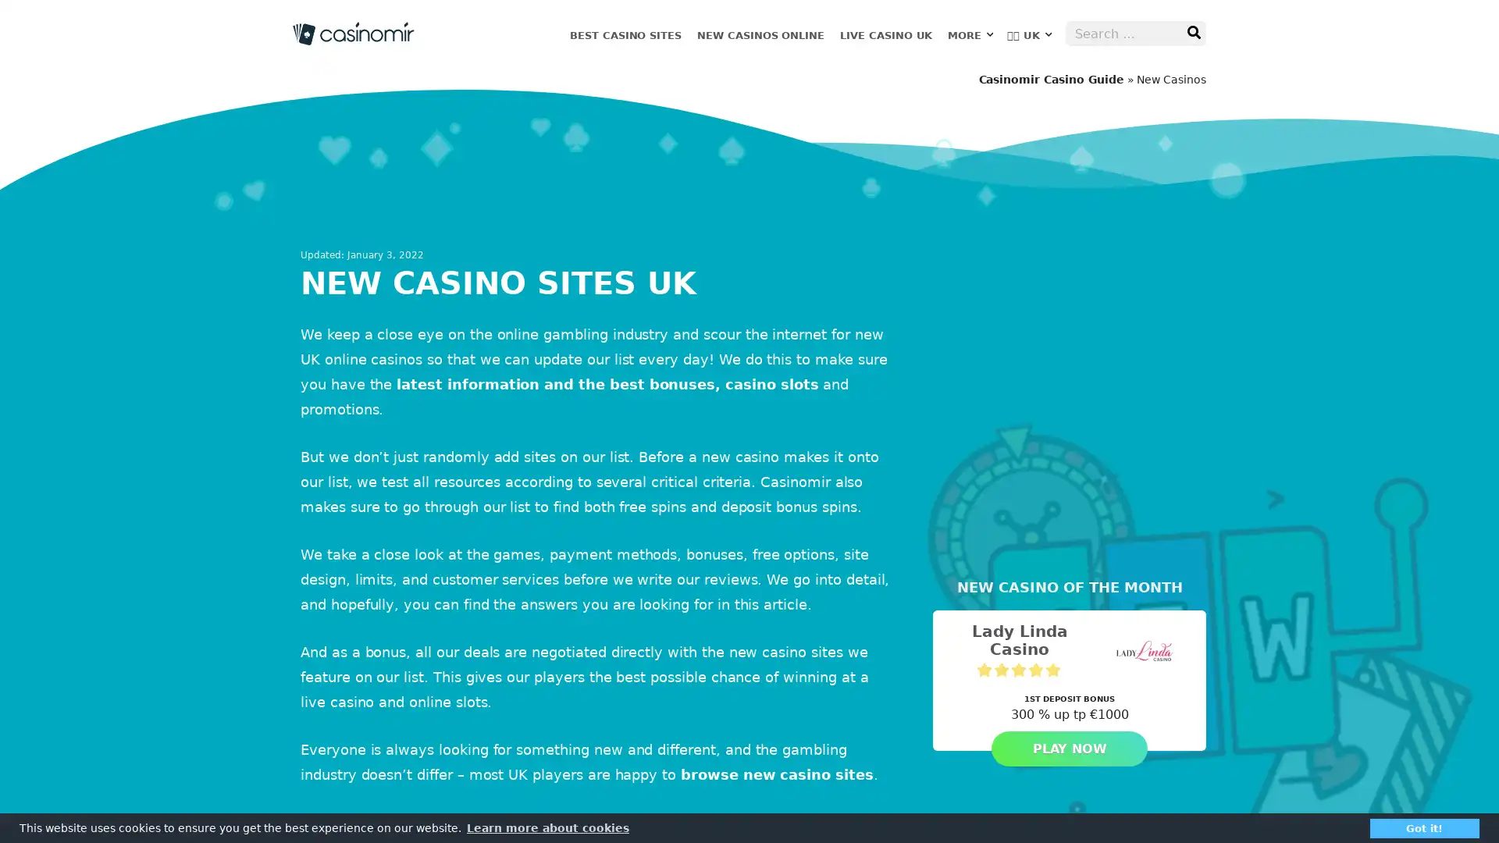  What do you see at coordinates (1424, 827) in the screenshot?
I see `dismiss cookie message` at bounding box center [1424, 827].